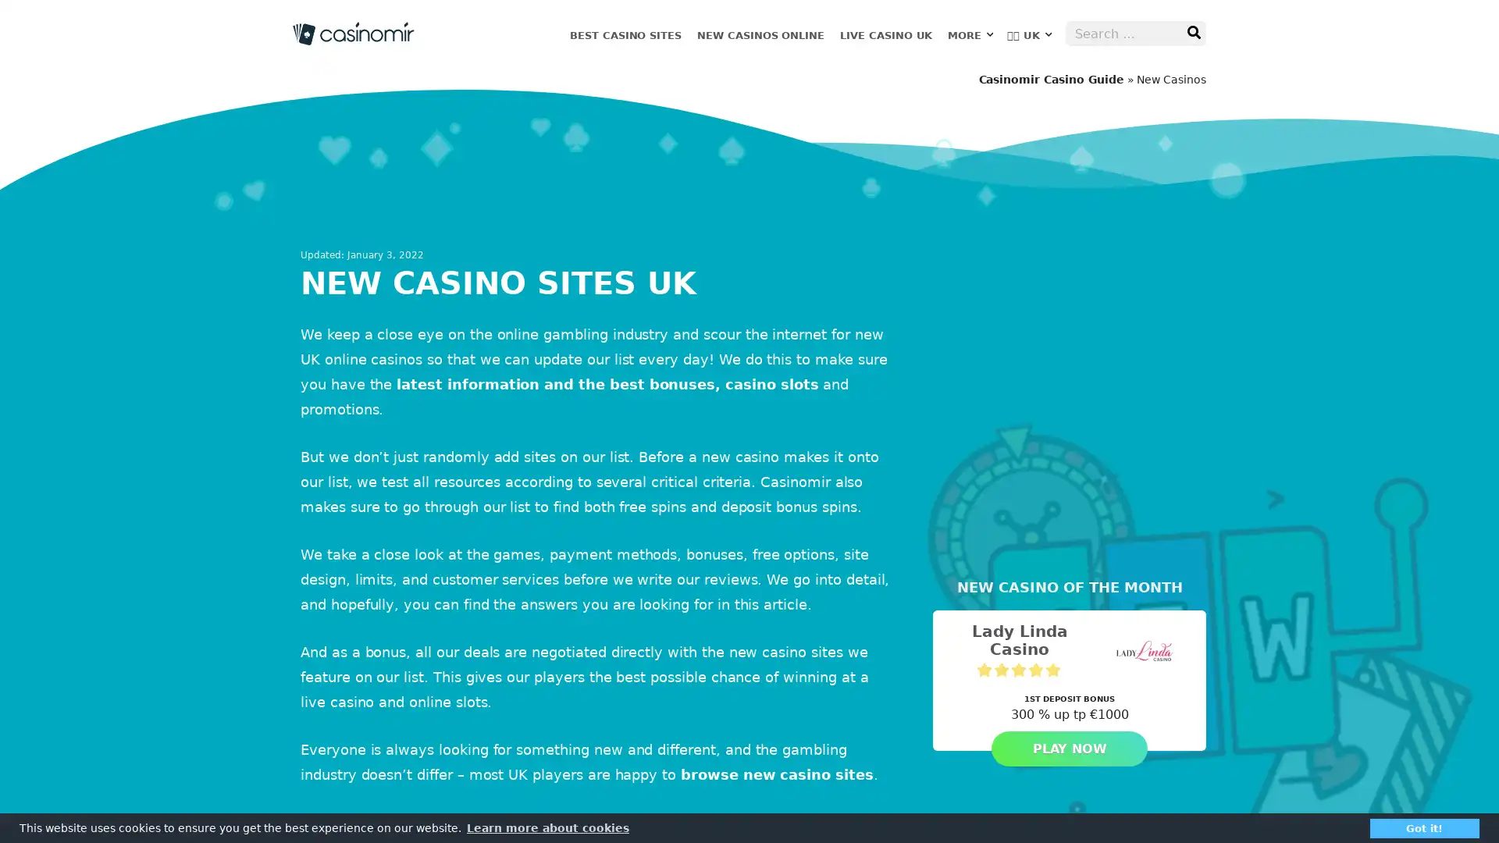  What do you see at coordinates (1424, 827) in the screenshot?
I see `dismiss cookie message` at bounding box center [1424, 827].